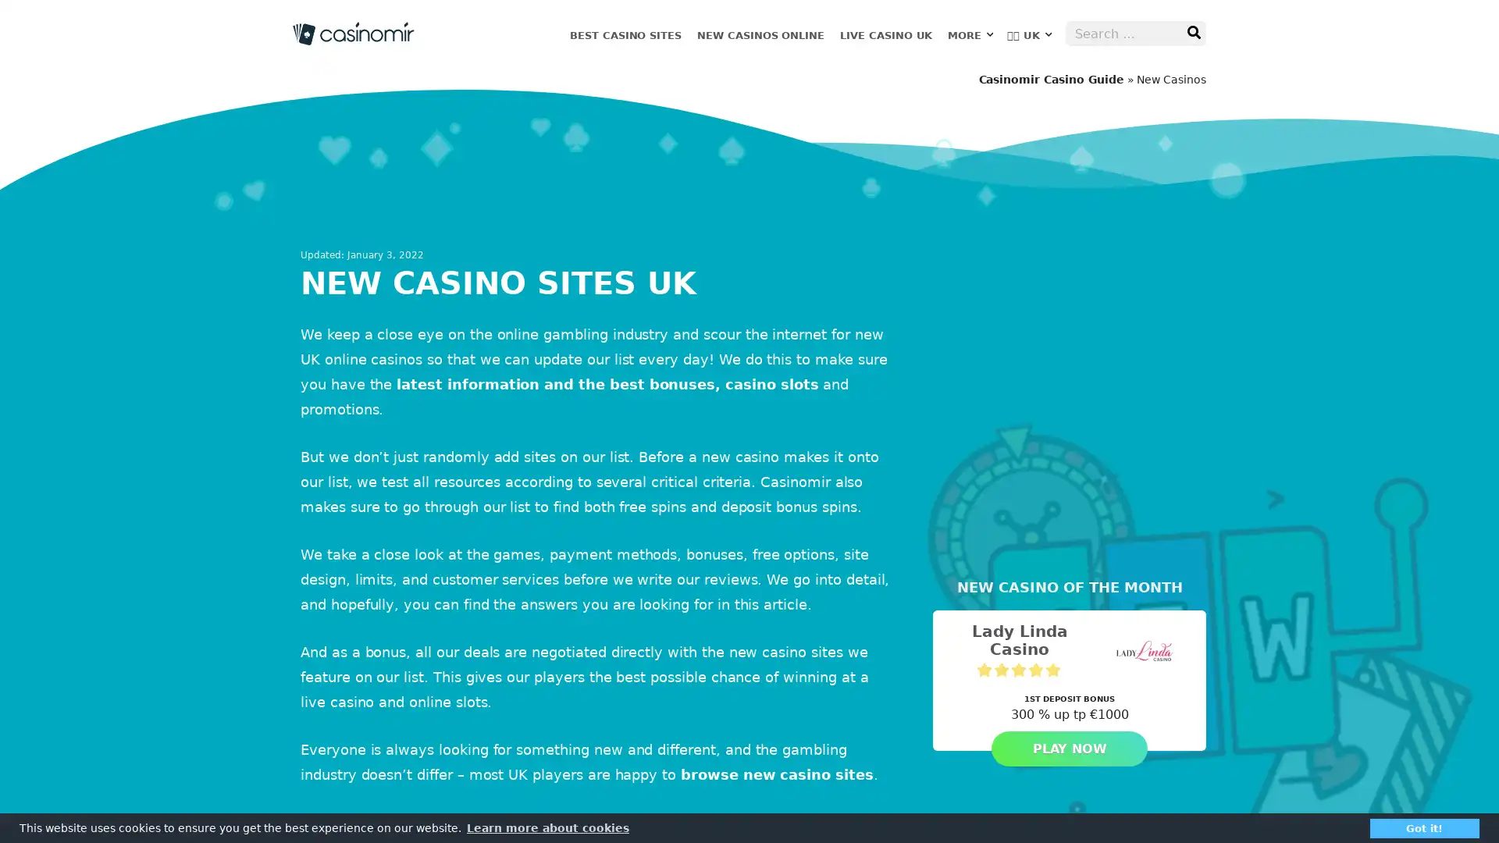  What do you see at coordinates (1424, 827) in the screenshot?
I see `dismiss cookie message` at bounding box center [1424, 827].